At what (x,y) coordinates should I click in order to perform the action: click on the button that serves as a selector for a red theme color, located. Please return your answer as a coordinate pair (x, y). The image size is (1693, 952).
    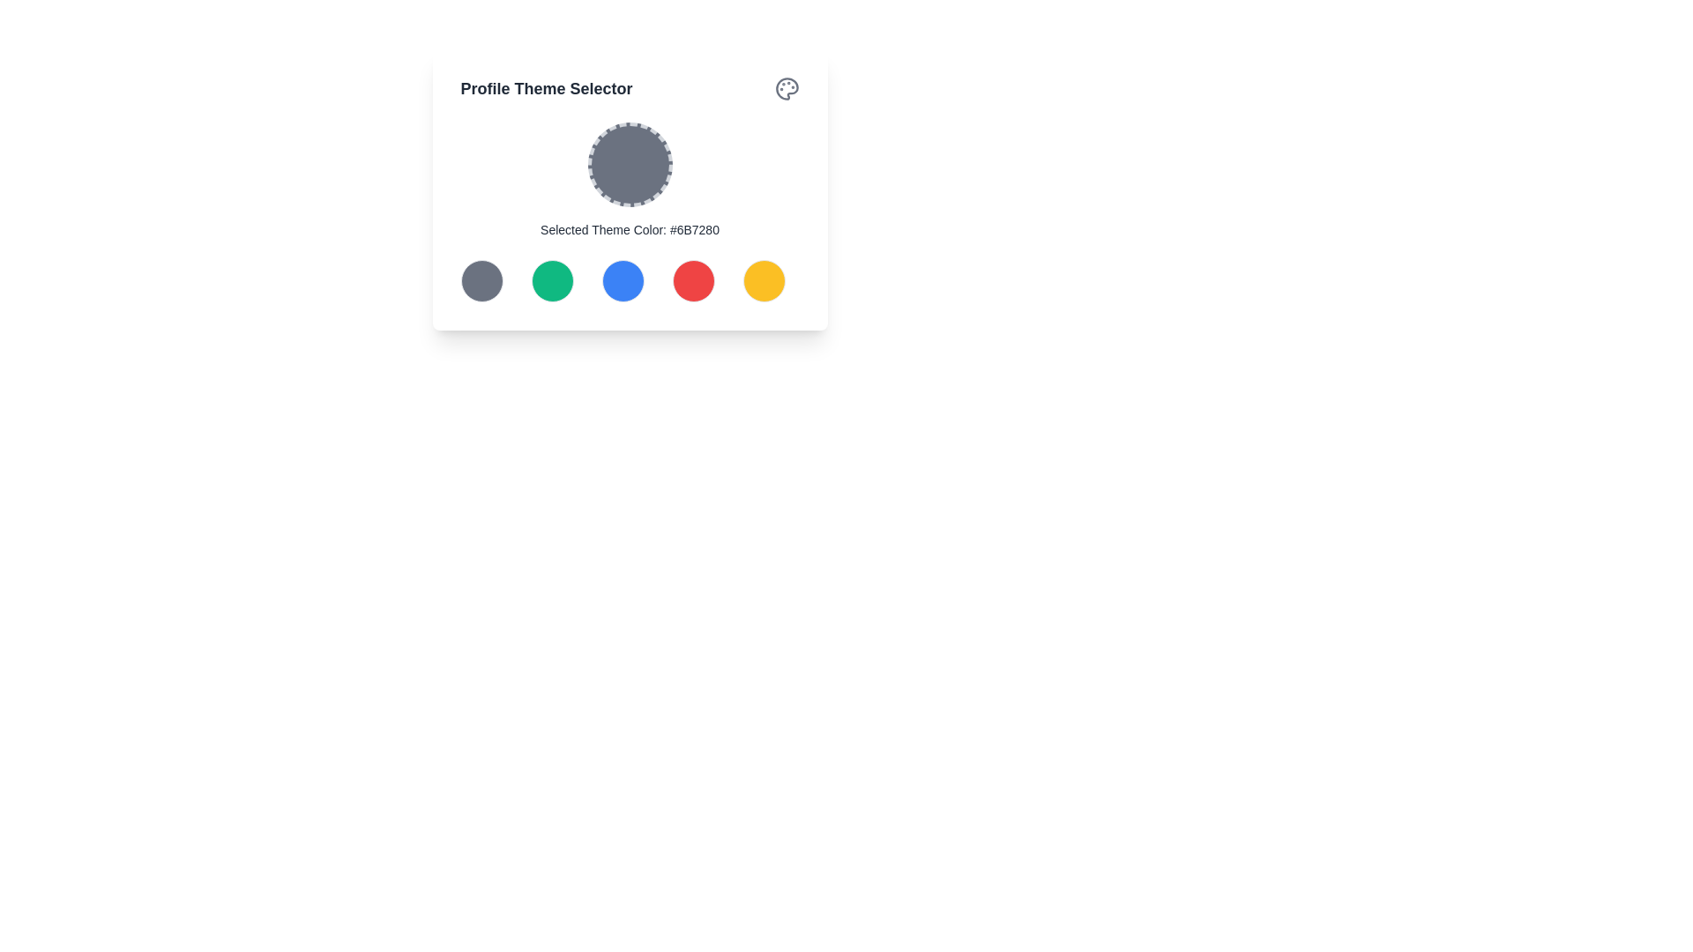
    Looking at the image, I should click on (692, 280).